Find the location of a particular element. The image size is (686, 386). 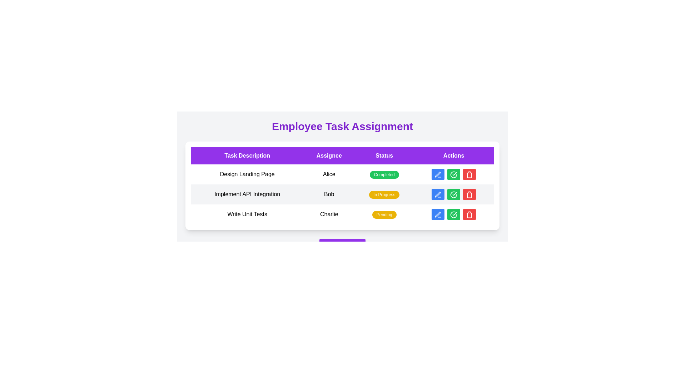

the edit action icon in the Actions column for the 'Implement API Integration' row associated with 'Bob' is located at coordinates (438, 194).